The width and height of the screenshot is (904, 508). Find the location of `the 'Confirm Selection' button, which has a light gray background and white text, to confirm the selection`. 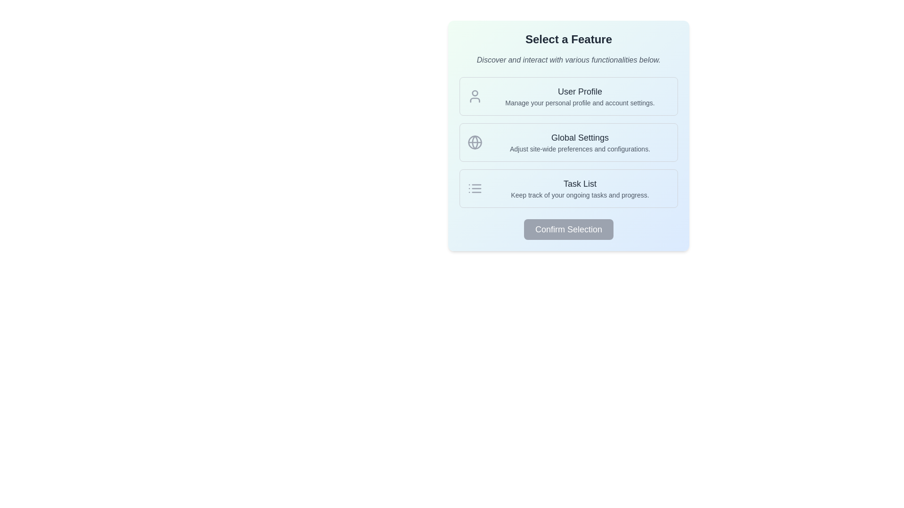

the 'Confirm Selection' button, which has a light gray background and white text, to confirm the selection is located at coordinates (568, 230).